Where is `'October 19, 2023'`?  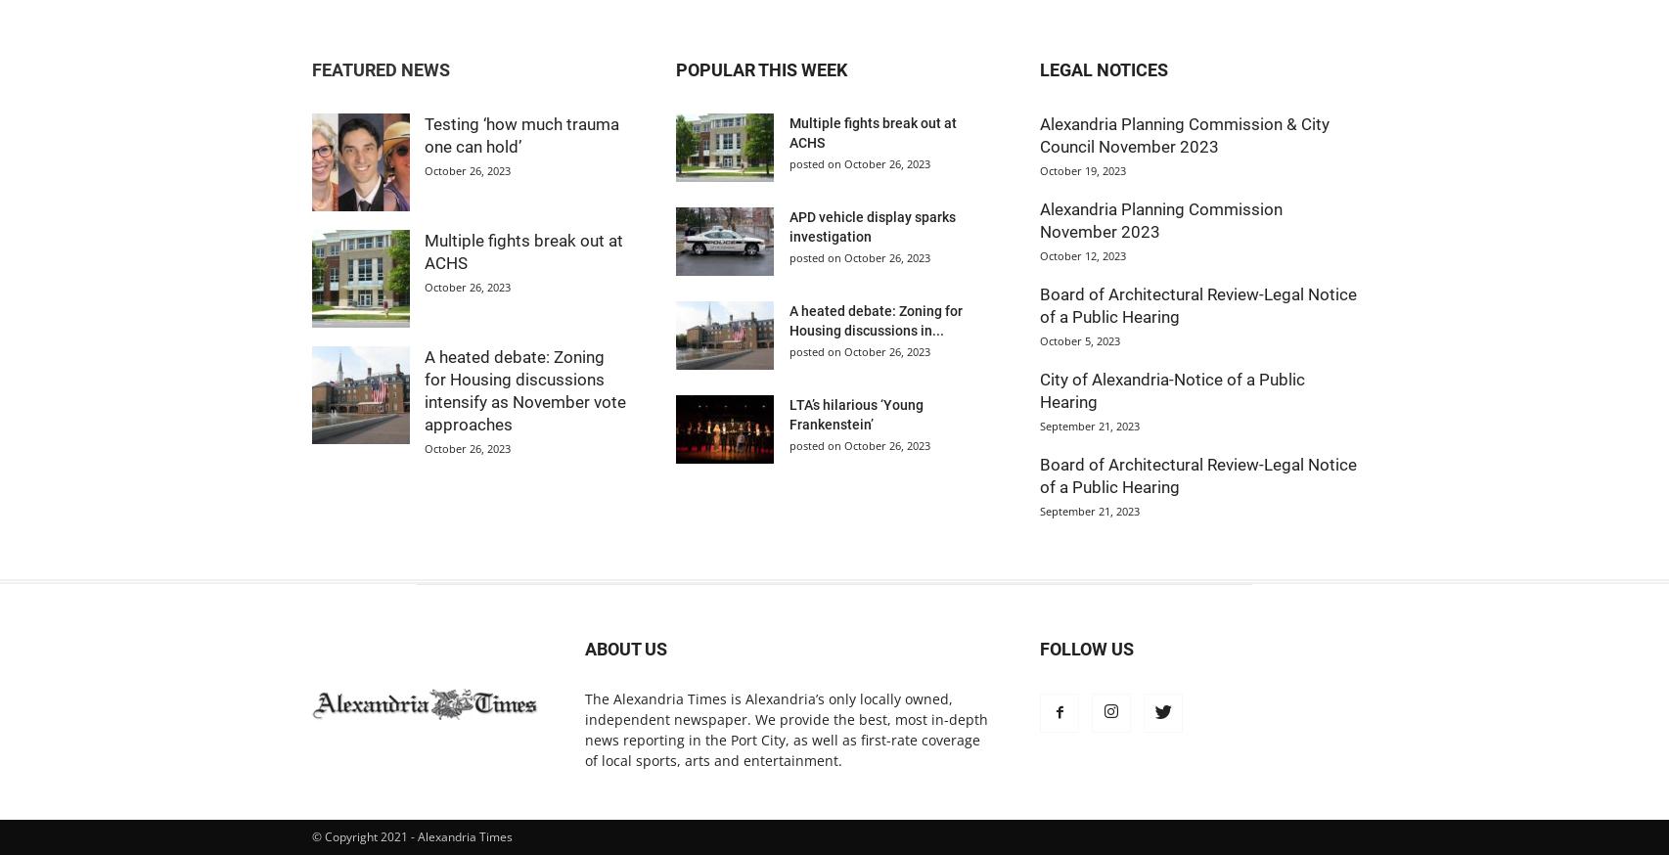 'October 19, 2023' is located at coordinates (1040, 169).